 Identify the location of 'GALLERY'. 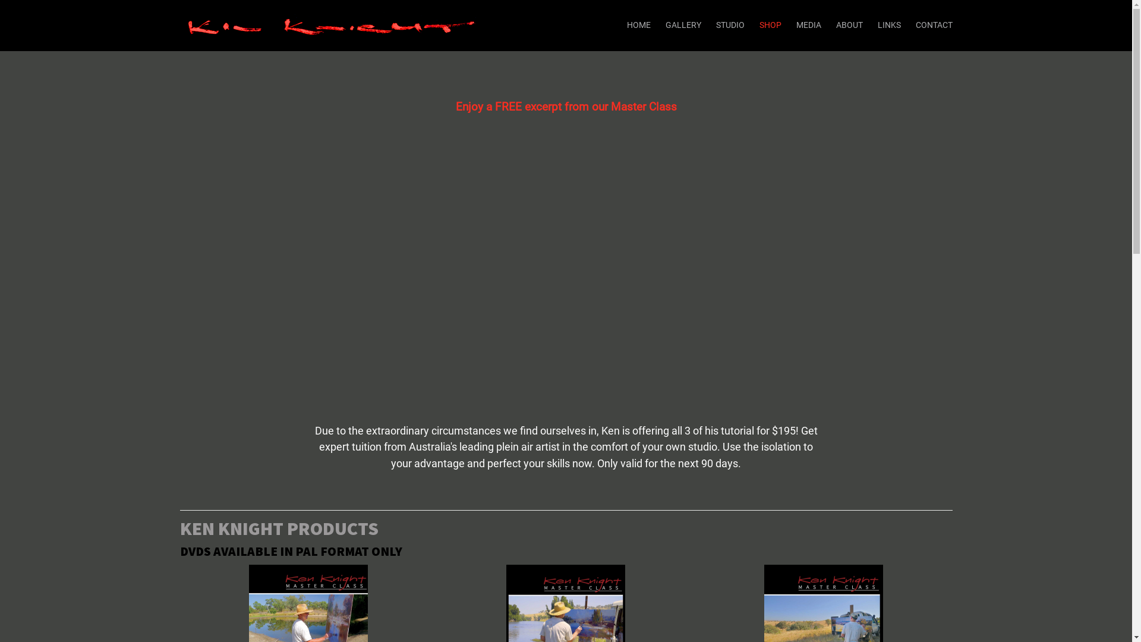
(683, 25).